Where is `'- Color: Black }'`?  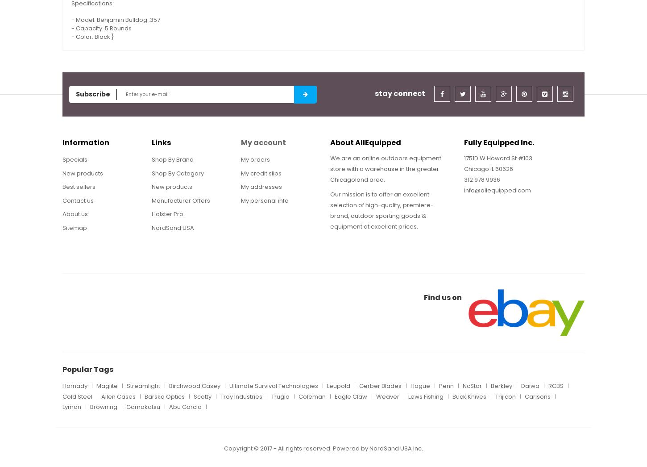 '- Color: Black }' is located at coordinates (71, 36).